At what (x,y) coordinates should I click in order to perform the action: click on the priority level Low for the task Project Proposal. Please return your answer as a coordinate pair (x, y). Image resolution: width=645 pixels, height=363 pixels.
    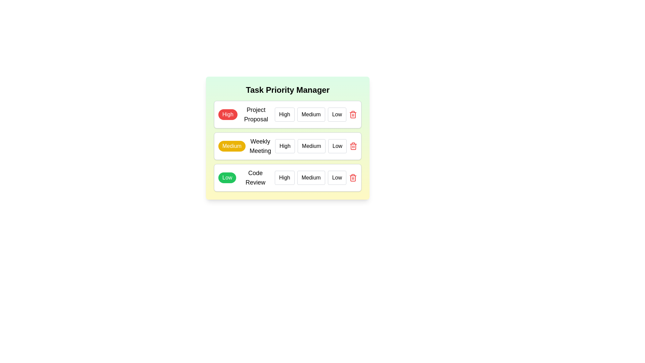
    Looking at the image, I should click on (337, 114).